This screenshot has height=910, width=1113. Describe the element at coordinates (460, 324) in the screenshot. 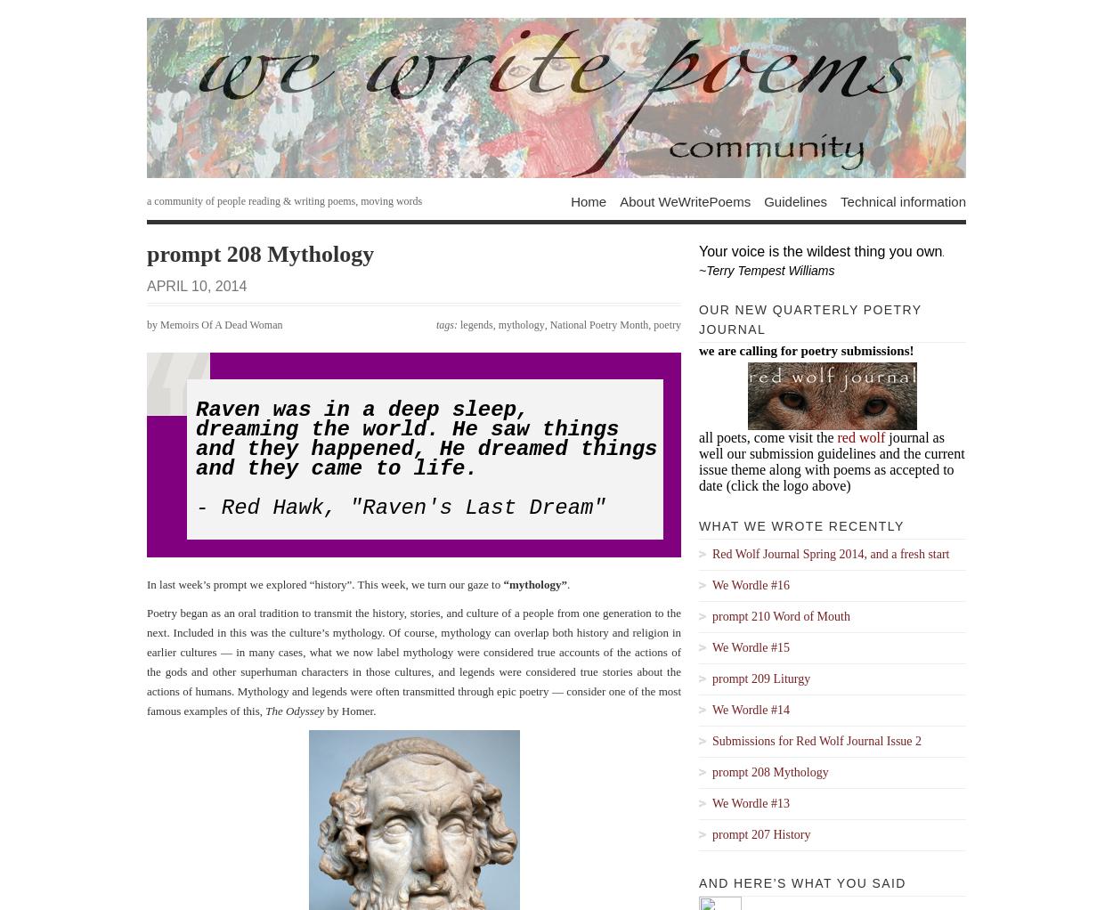

I see `'legends'` at that location.